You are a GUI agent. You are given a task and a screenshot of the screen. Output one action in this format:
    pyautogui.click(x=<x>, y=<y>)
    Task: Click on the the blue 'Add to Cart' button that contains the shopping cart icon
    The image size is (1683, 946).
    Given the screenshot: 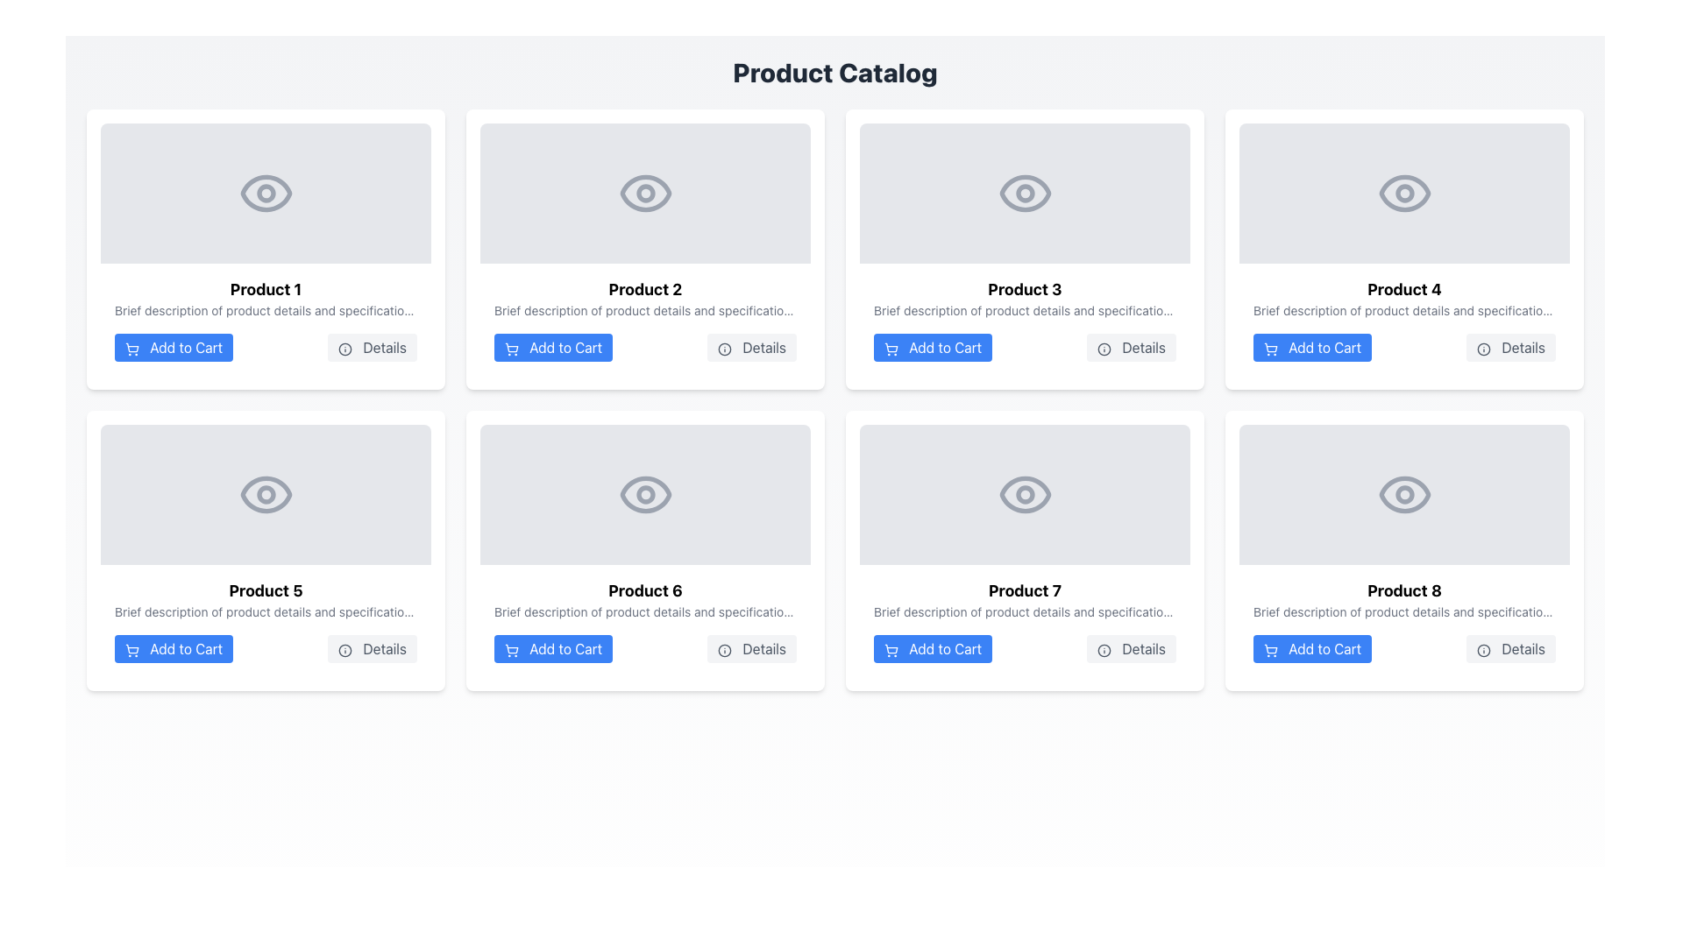 What is the action you would take?
    pyautogui.click(x=511, y=648)
    